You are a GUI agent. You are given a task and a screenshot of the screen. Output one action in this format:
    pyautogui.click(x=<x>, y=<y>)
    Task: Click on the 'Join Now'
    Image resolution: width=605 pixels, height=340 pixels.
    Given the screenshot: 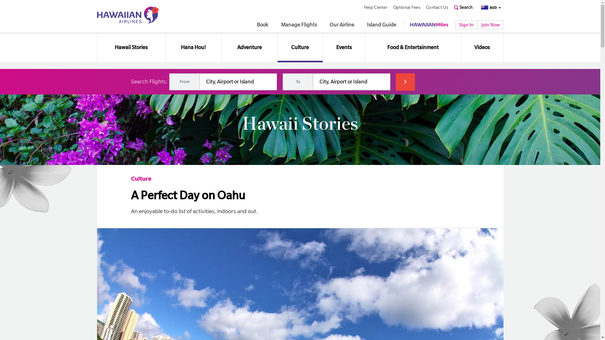 What is the action you would take?
    pyautogui.click(x=490, y=24)
    